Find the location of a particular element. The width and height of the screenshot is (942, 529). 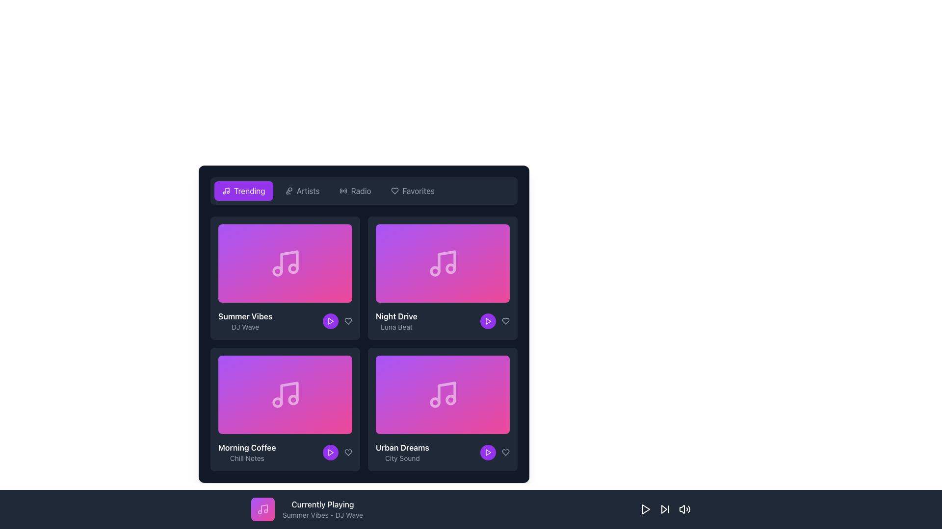

the small purple play button with a white triangular icon located in the 'Night Drive' card by 'Luna Beat' is located at coordinates (330, 321).